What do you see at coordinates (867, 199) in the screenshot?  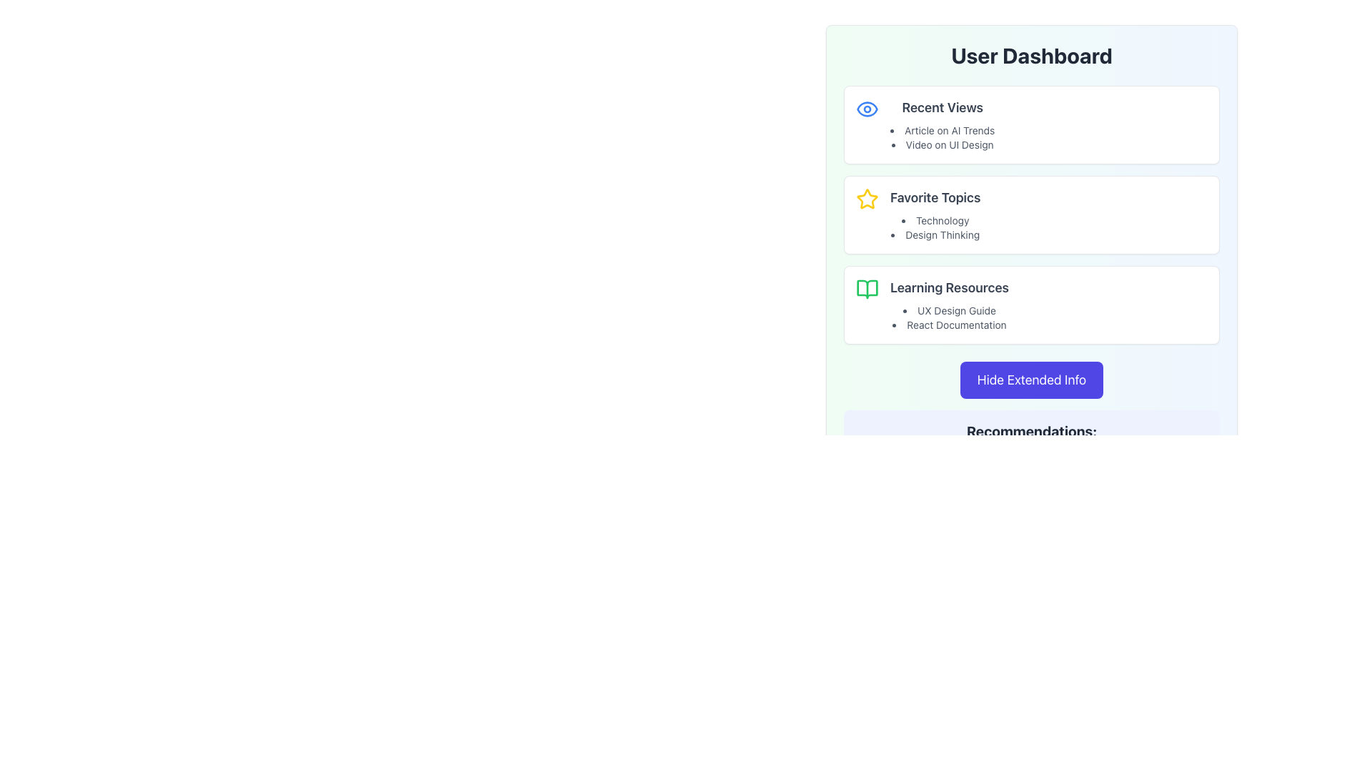 I see `the star icon with a hollow center and yellow border in the 'Favorite Topics' section of the User Dashboard` at bounding box center [867, 199].